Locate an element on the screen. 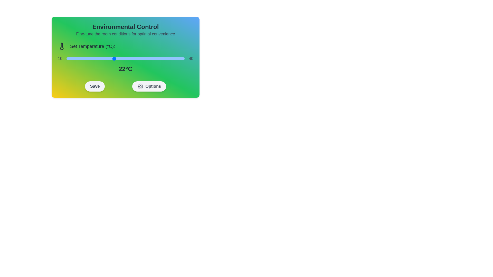 This screenshot has height=277, width=493. the cogwheel-shaped settings icon located within the 'Options' button at the bottom-right corner of the card-like UI component is located at coordinates (140, 86).